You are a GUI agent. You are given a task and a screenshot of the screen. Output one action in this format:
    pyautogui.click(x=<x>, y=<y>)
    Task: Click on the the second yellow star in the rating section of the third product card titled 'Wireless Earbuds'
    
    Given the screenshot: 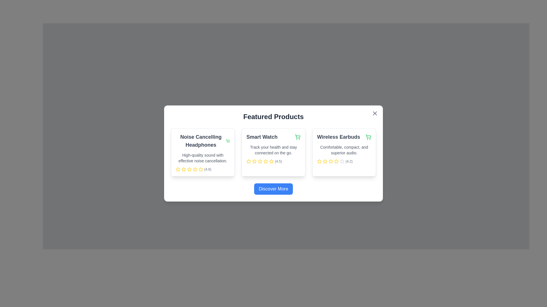 What is the action you would take?
    pyautogui.click(x=331, y=161)
    